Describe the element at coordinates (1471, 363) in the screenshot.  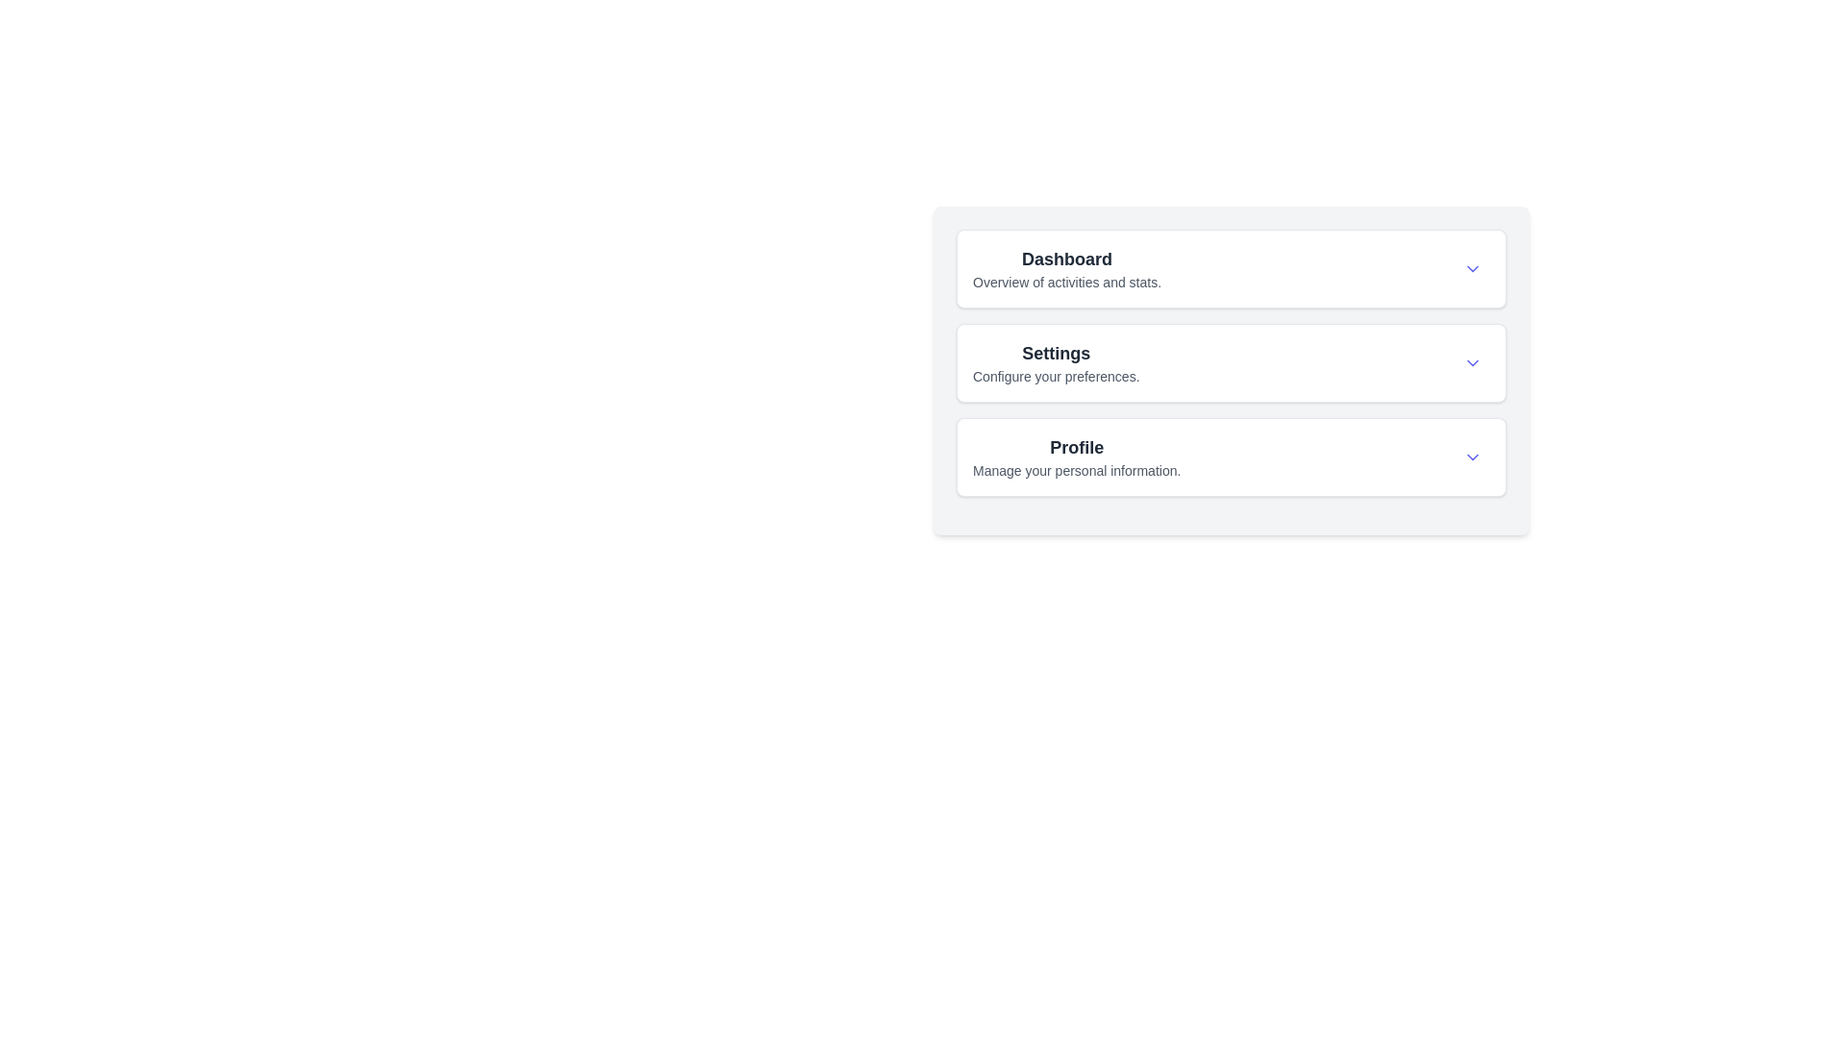
I see `the downward-pointing chevron icon, which is indigo in color and located to the far right within the 'Settings' option of the menu` at that location.